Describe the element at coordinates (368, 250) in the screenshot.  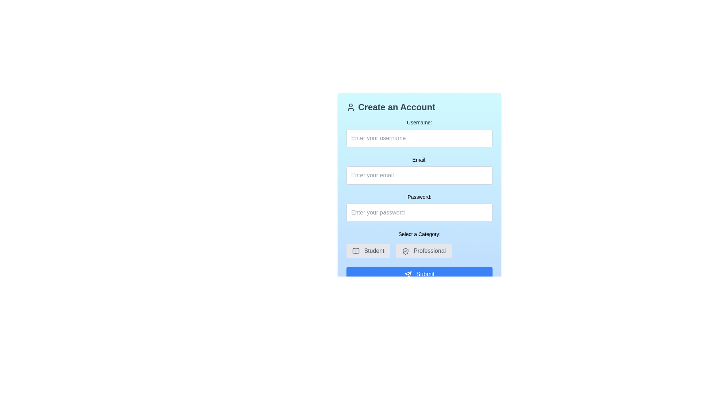
I see `the 'Student' button, which is a gray rectangular button with rounded edges, displaying an open book icon and the text 'Student' centered within it, located under the 'Select a Category' section` at that location.